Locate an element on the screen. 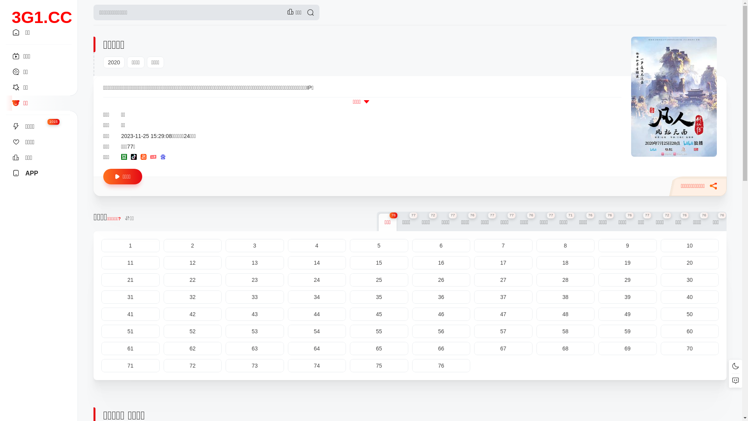  '16' is located at coordinates (411, 263).